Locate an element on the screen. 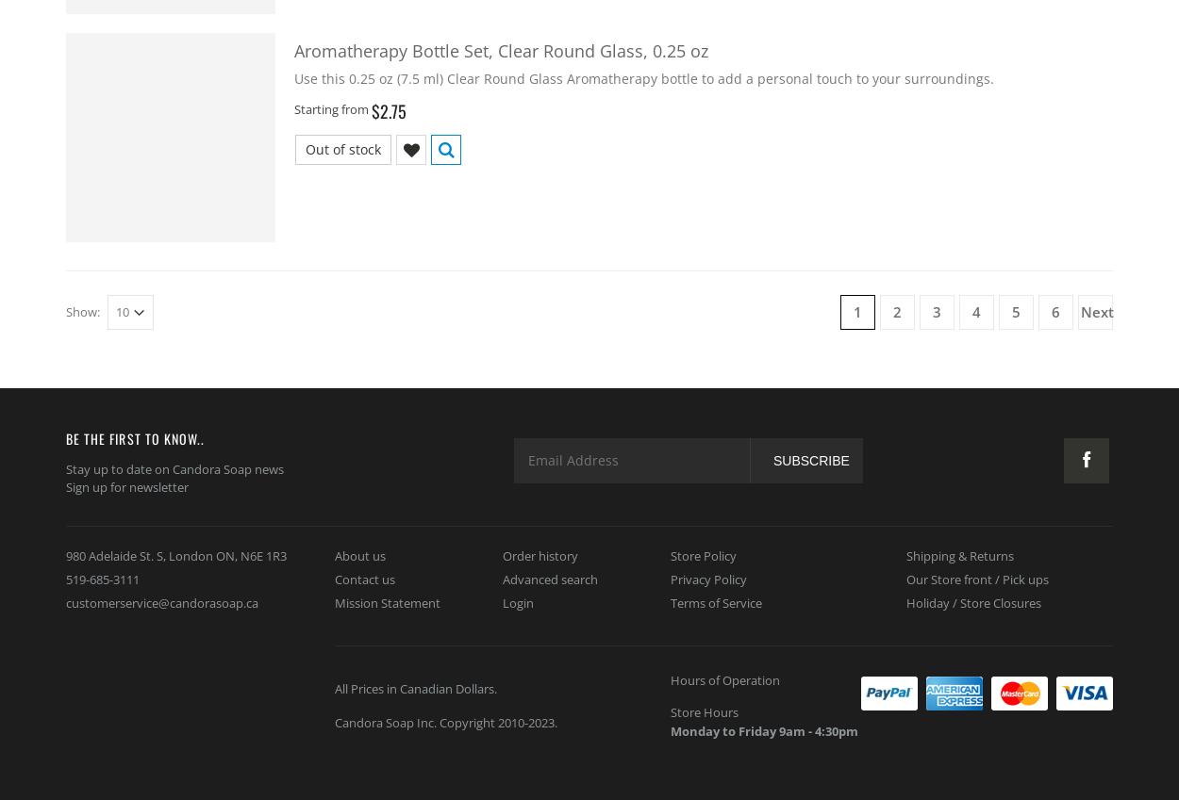 The height and width of the screenshot is (800, 1179). 'Monday to Friday 9am - 4:30pm' is located at coordinates (670, 728).